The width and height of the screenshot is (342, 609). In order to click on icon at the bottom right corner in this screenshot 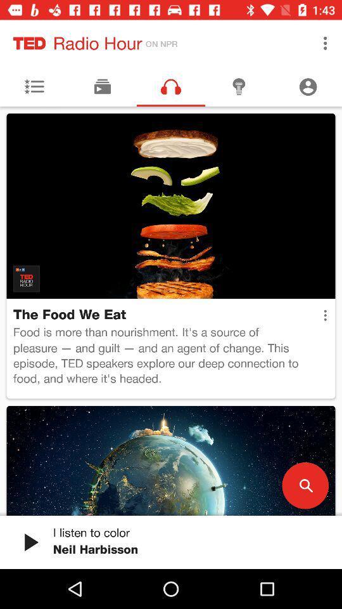, I will do `click(305, 485)`.